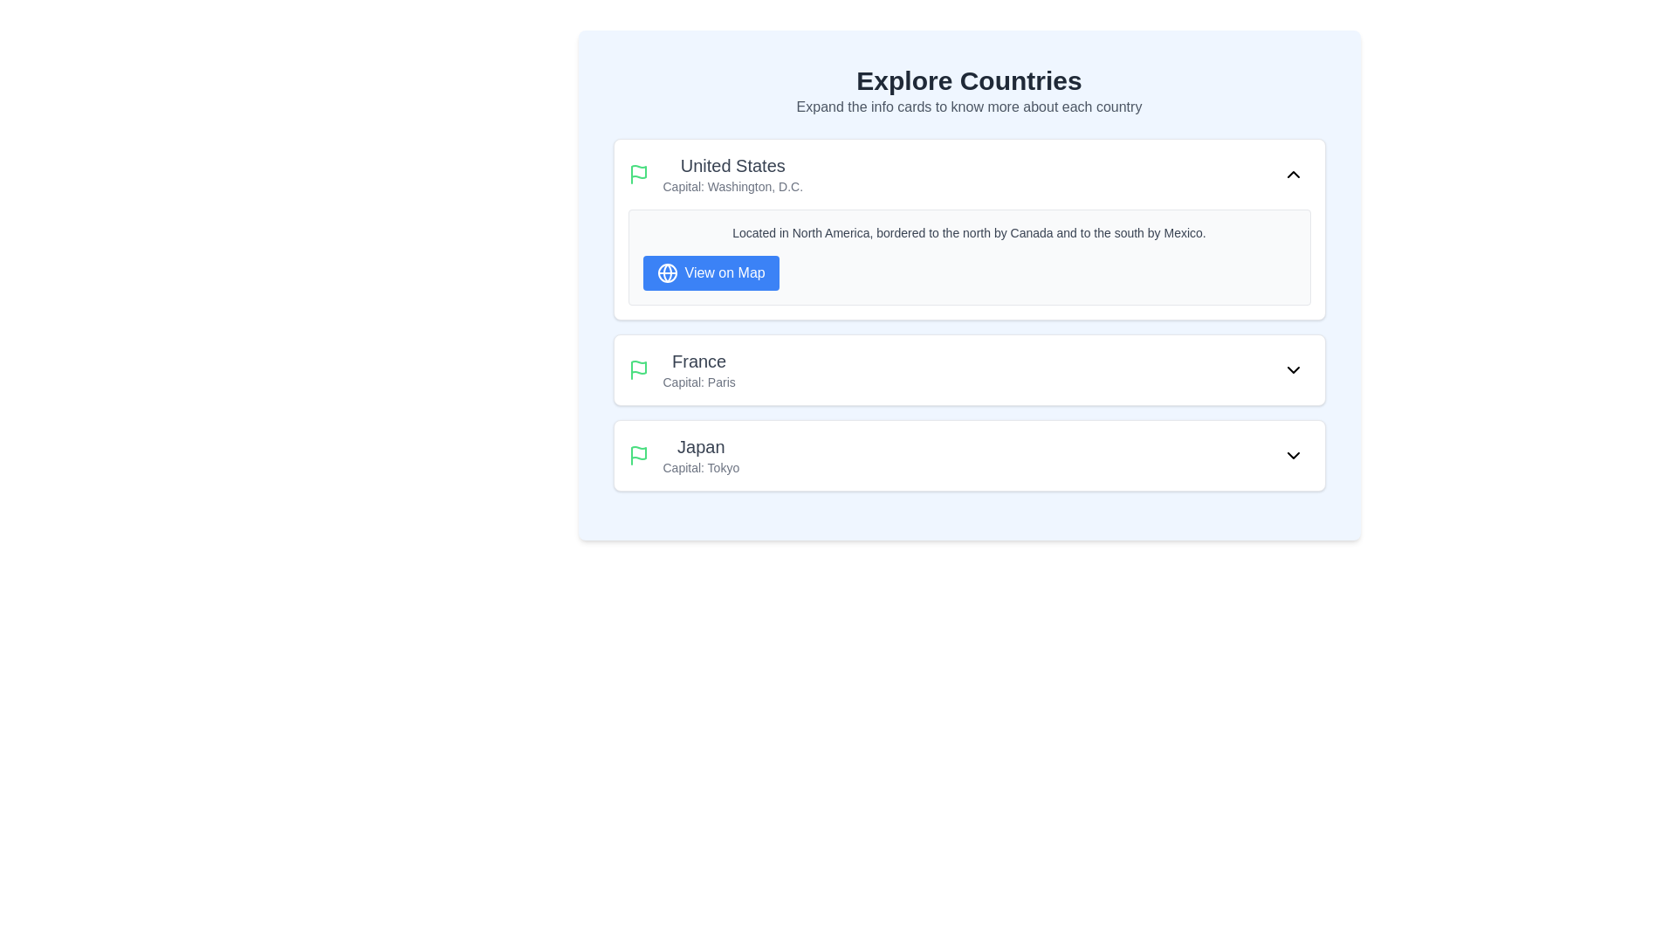  Describe the element at coordinates (637, 369) in the screenshot. I see `the flag icon with a green outline positioned to the left of the text 'France'` at that location.